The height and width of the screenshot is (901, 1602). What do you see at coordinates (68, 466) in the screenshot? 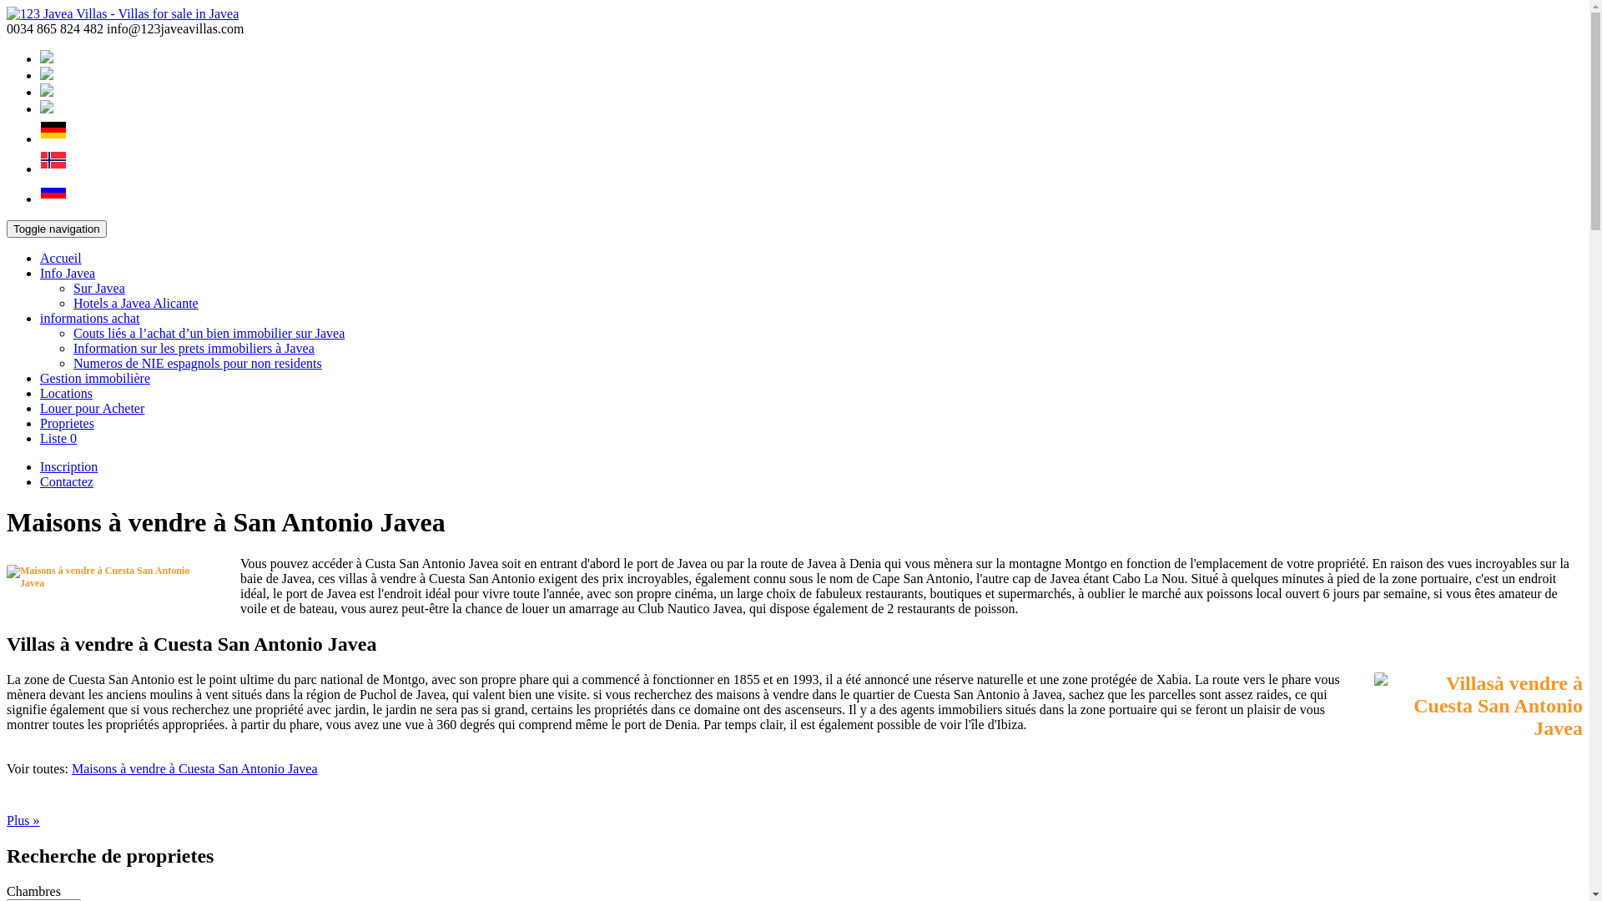
I see `'Inscription'` at bounding box center [68, 466].